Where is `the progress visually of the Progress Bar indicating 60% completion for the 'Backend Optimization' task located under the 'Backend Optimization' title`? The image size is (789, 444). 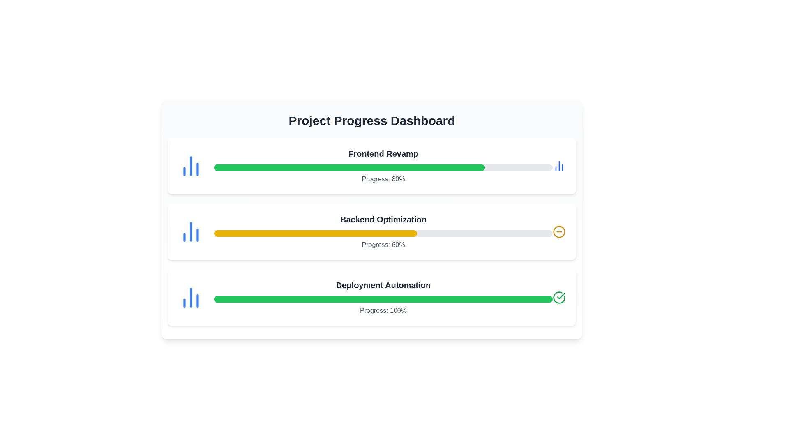 the progress visually of the Progress Bar indicating 60% completion for the 'Backend Optimization' task located under the 'Backend Optimization' title is located at coordinates (383, 233).